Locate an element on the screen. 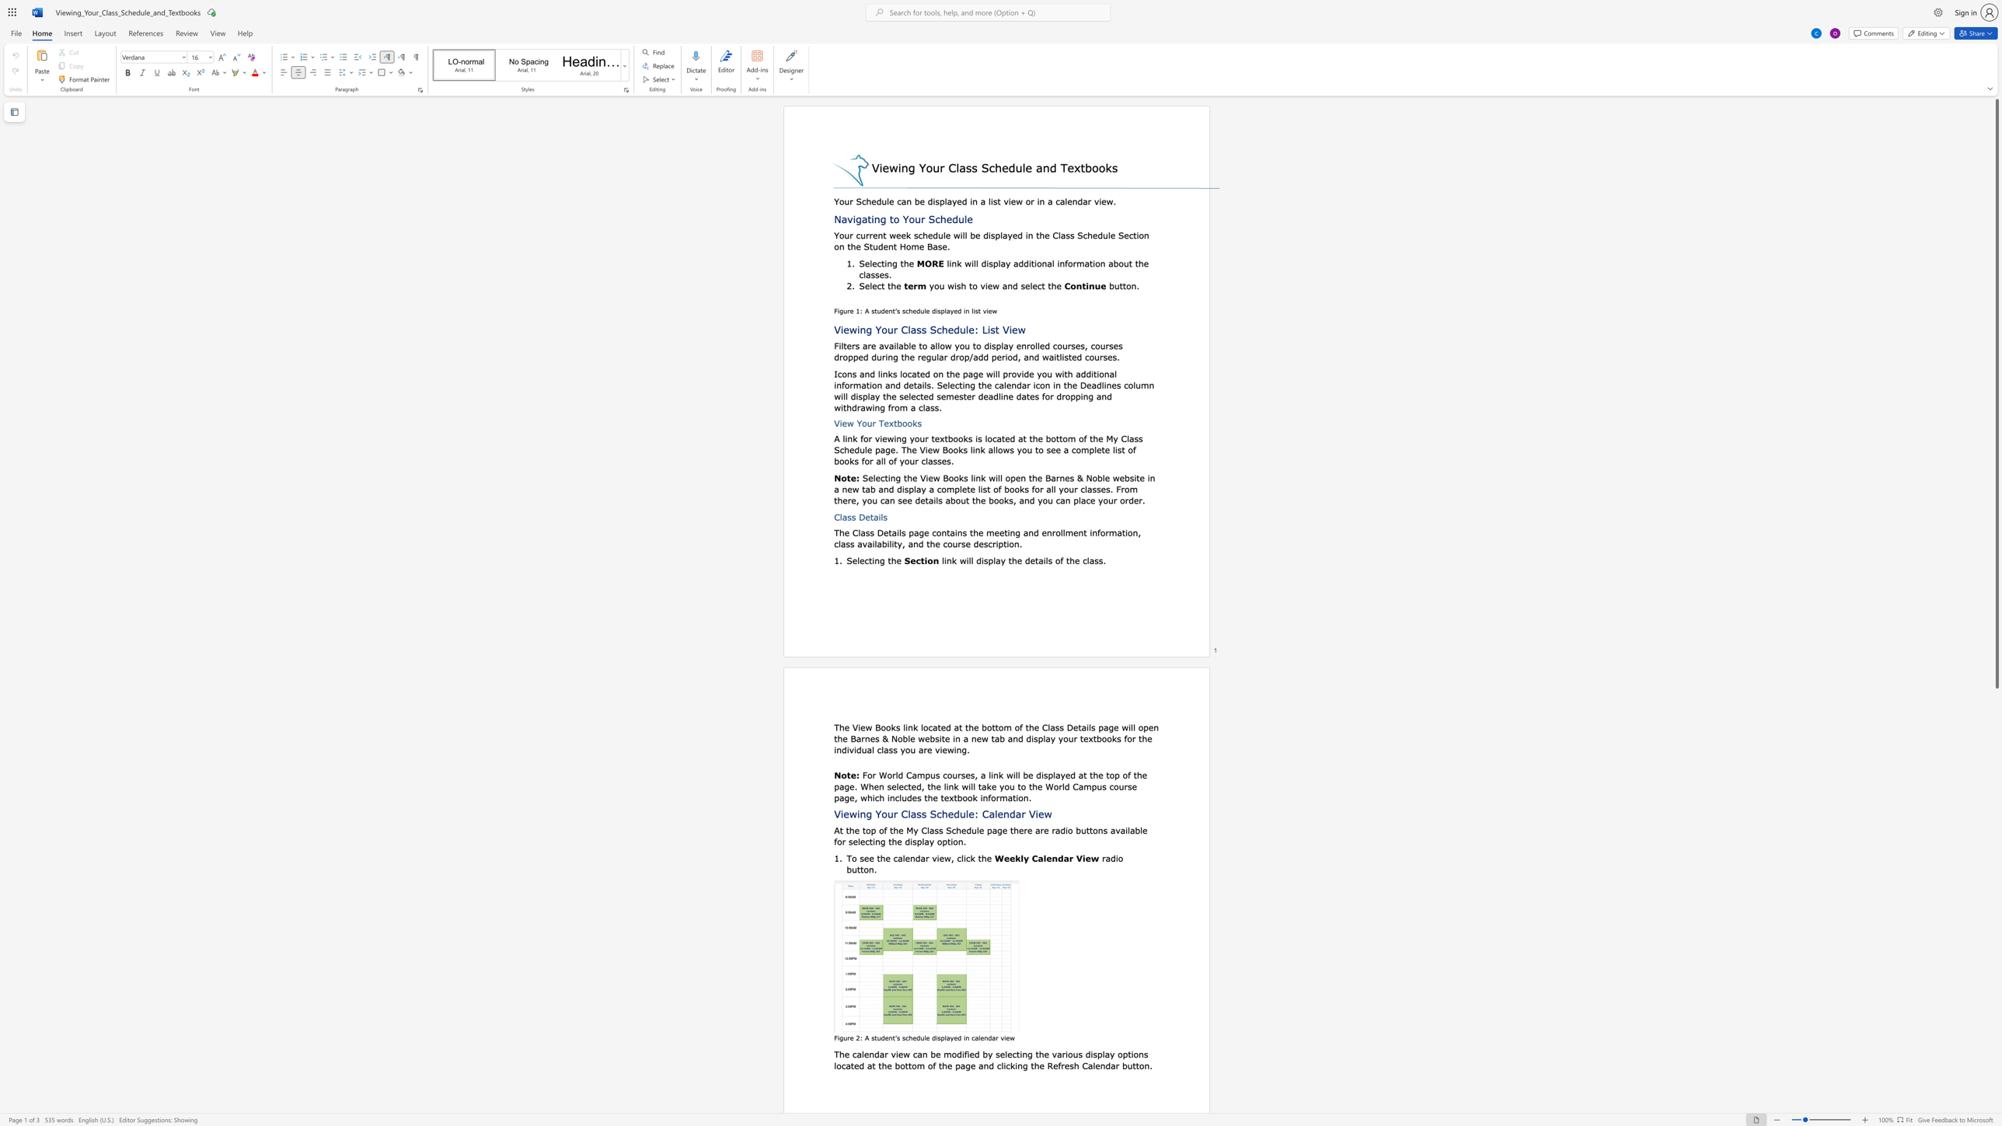 Image resolution: width=2002 pixels, height=1126 pixels. the scrollbar to scroll downward is located at coordinates (1996, 744).